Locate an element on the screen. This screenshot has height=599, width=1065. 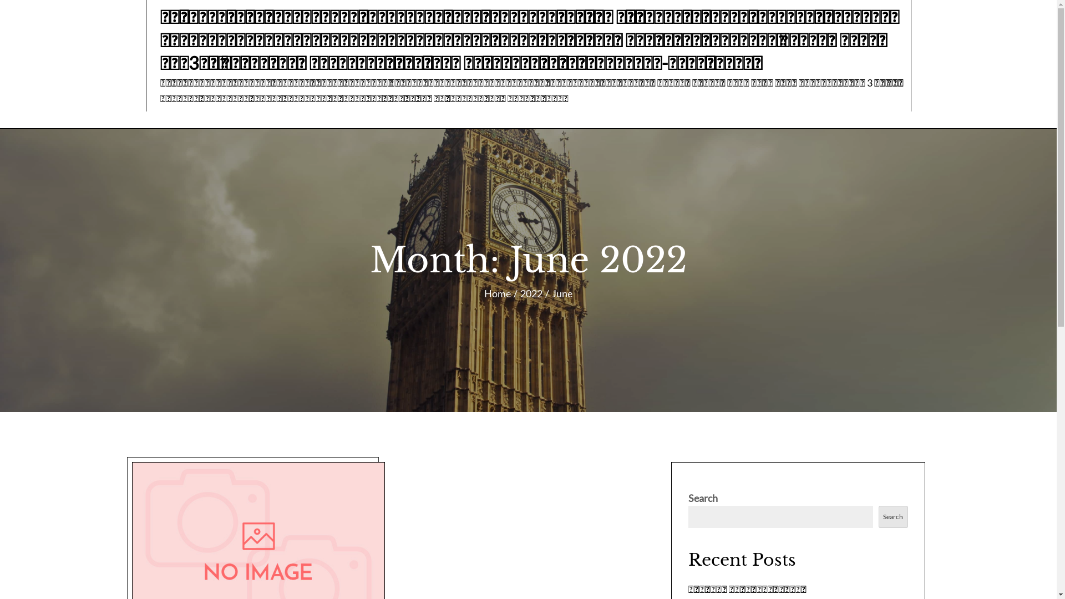
'2022' is located at coordinates (531, 292).